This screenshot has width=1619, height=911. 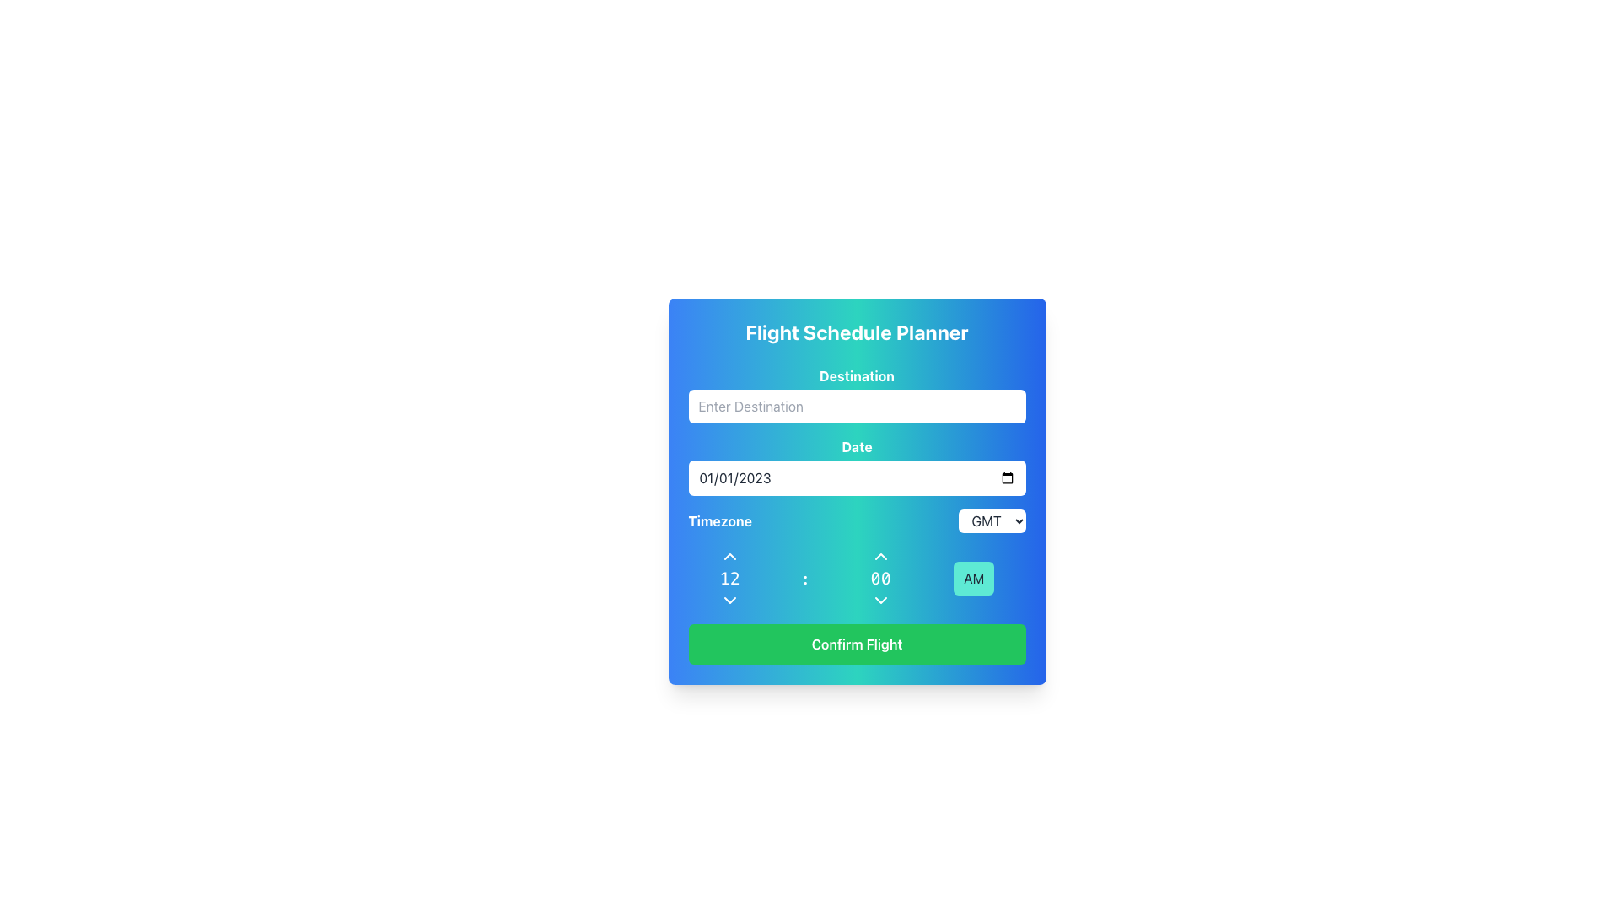 I want to click on the downward-pointing chevron icon styled as a dropdown indicator, so click(x=879, y=600).